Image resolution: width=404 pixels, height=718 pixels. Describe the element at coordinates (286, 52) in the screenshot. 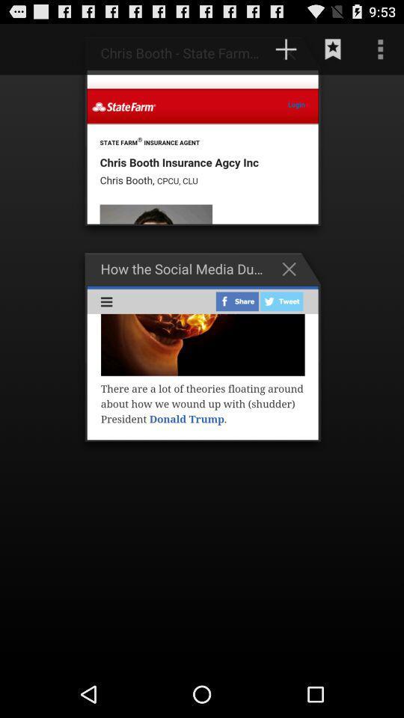

I see `the add icon` at that location.